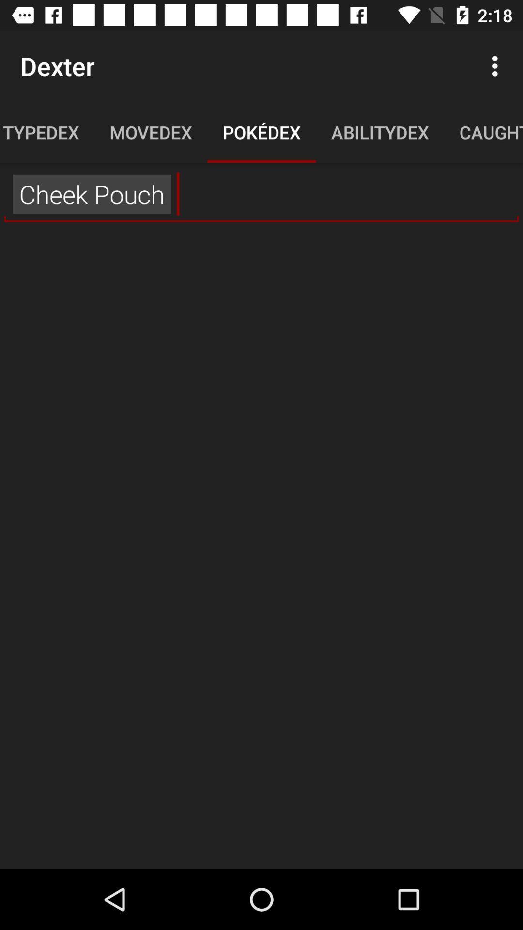 This screenshot has width=523, height=930. I want to click on item to the right of dexter item, so click(497, 65).